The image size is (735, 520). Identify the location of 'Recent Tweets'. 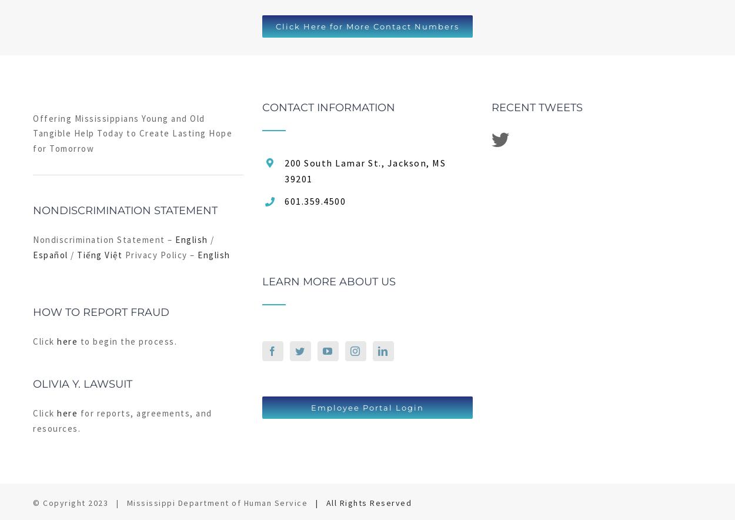
(536, 107).